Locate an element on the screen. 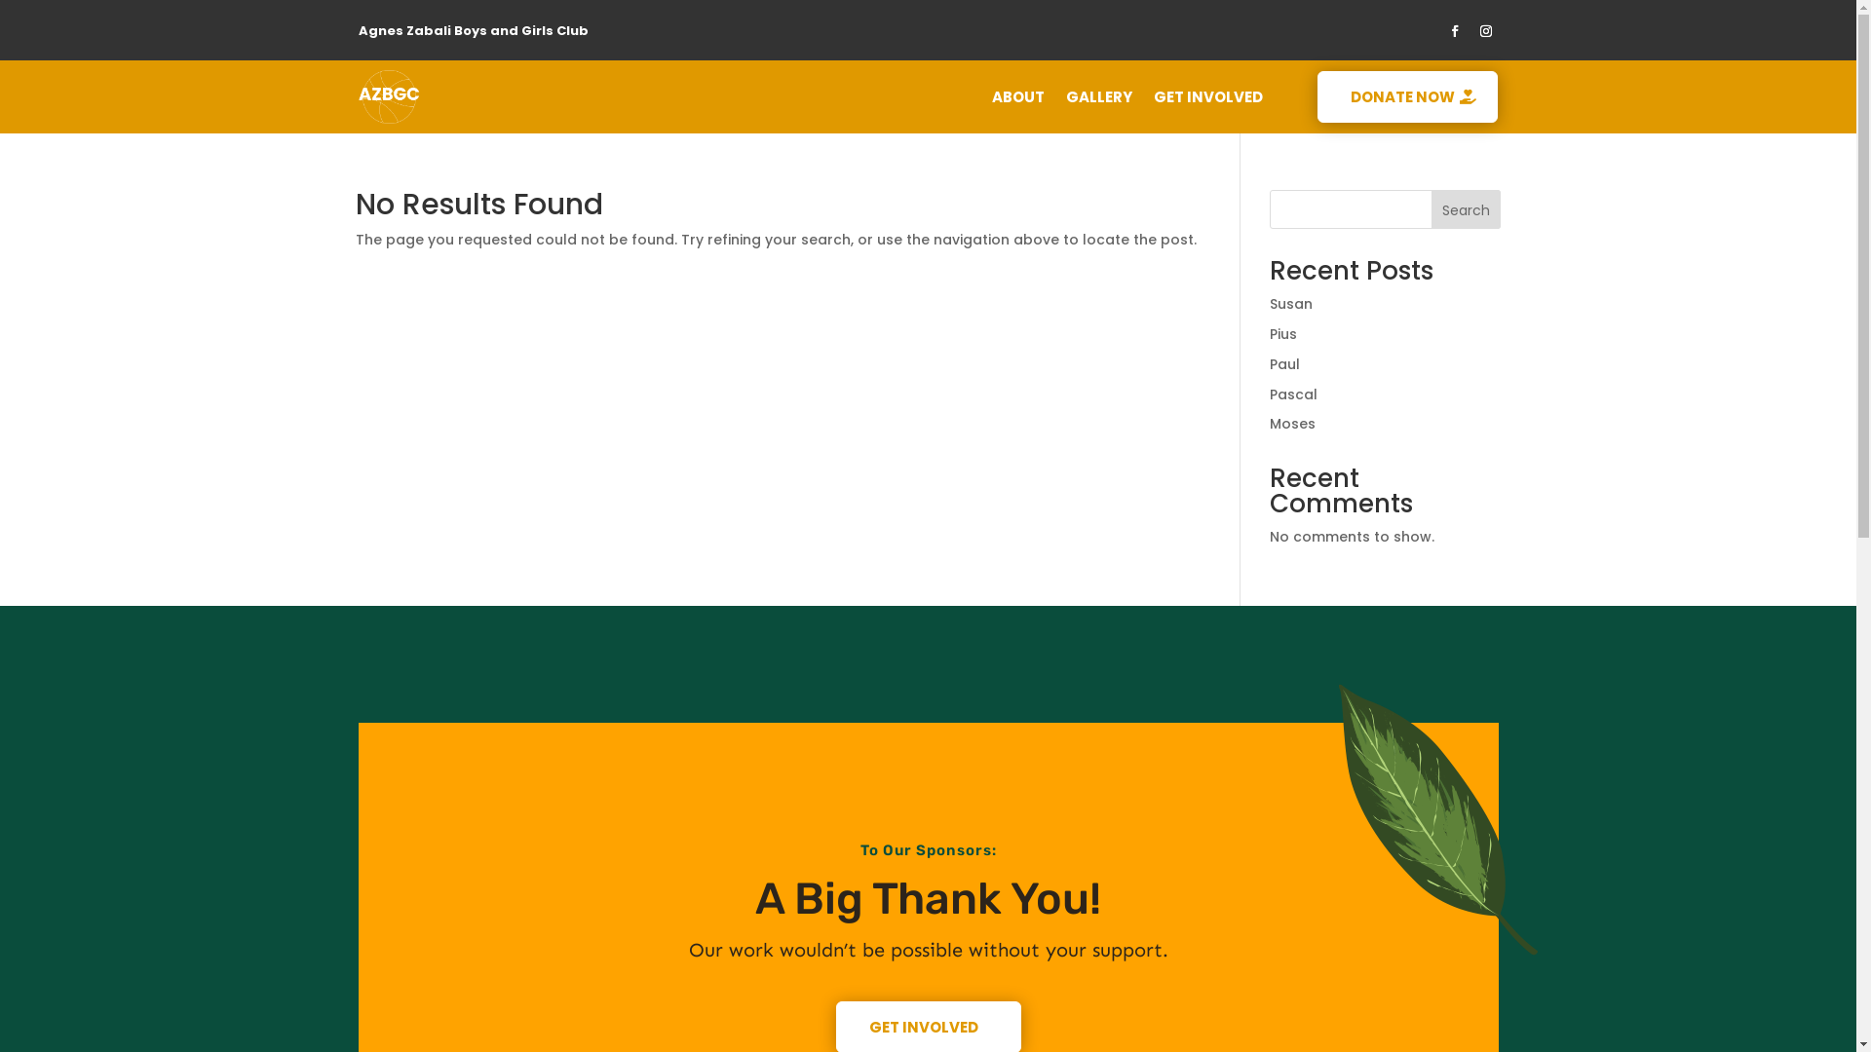  'Pascal' is located at coordinates (1293, 394).